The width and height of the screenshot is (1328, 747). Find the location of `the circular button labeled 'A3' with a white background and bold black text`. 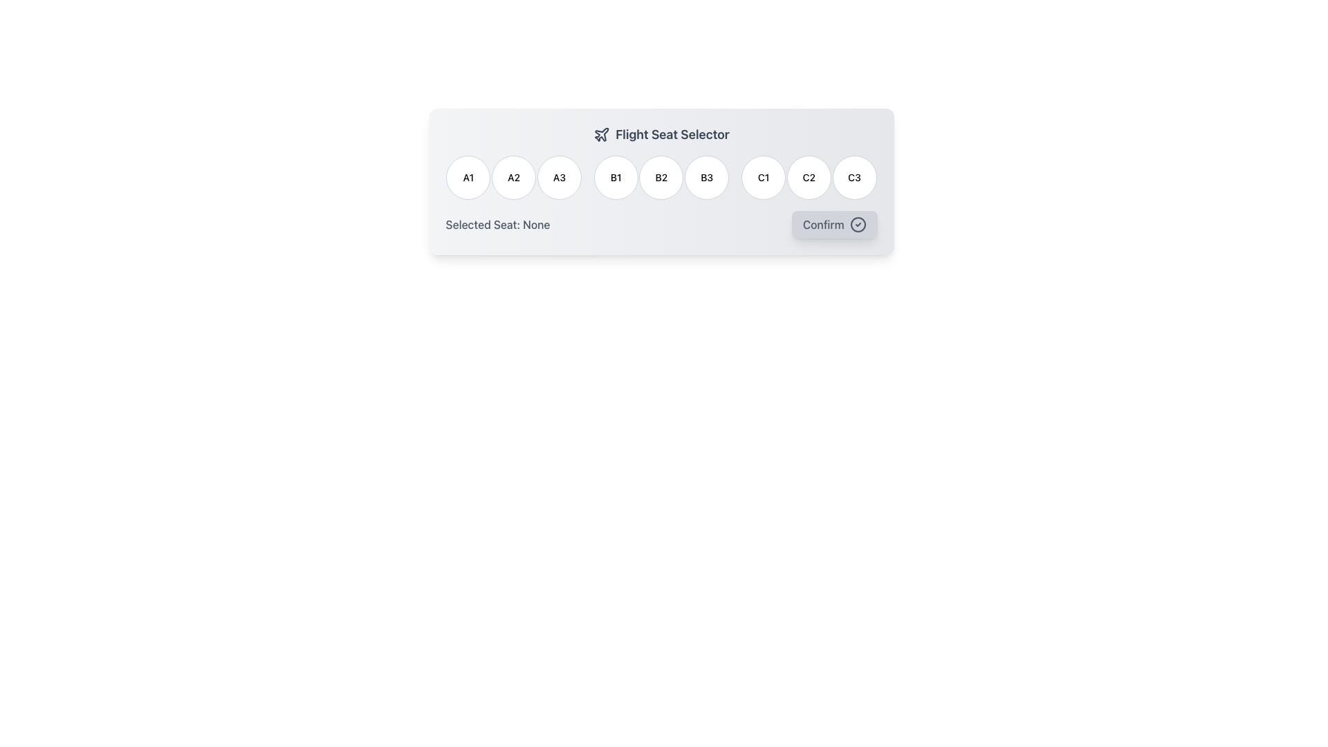

the circular button labeled 'A3' with a white background and bold black text is located at coordinates (559, 177).